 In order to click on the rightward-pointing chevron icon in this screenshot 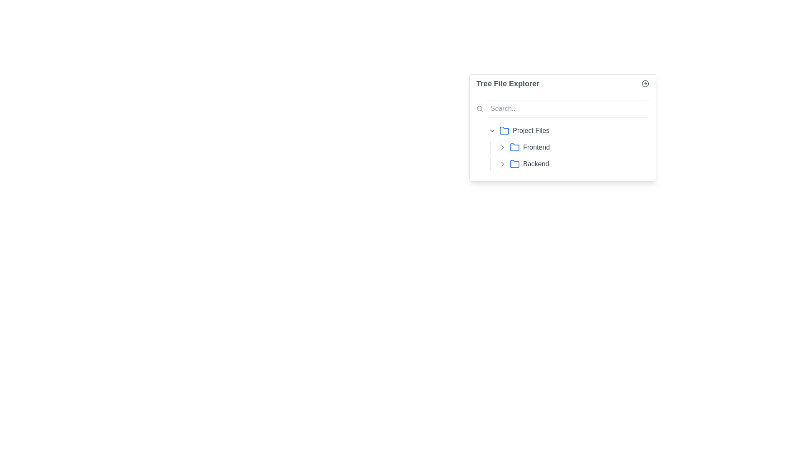, I will do `click(502, 147)`.